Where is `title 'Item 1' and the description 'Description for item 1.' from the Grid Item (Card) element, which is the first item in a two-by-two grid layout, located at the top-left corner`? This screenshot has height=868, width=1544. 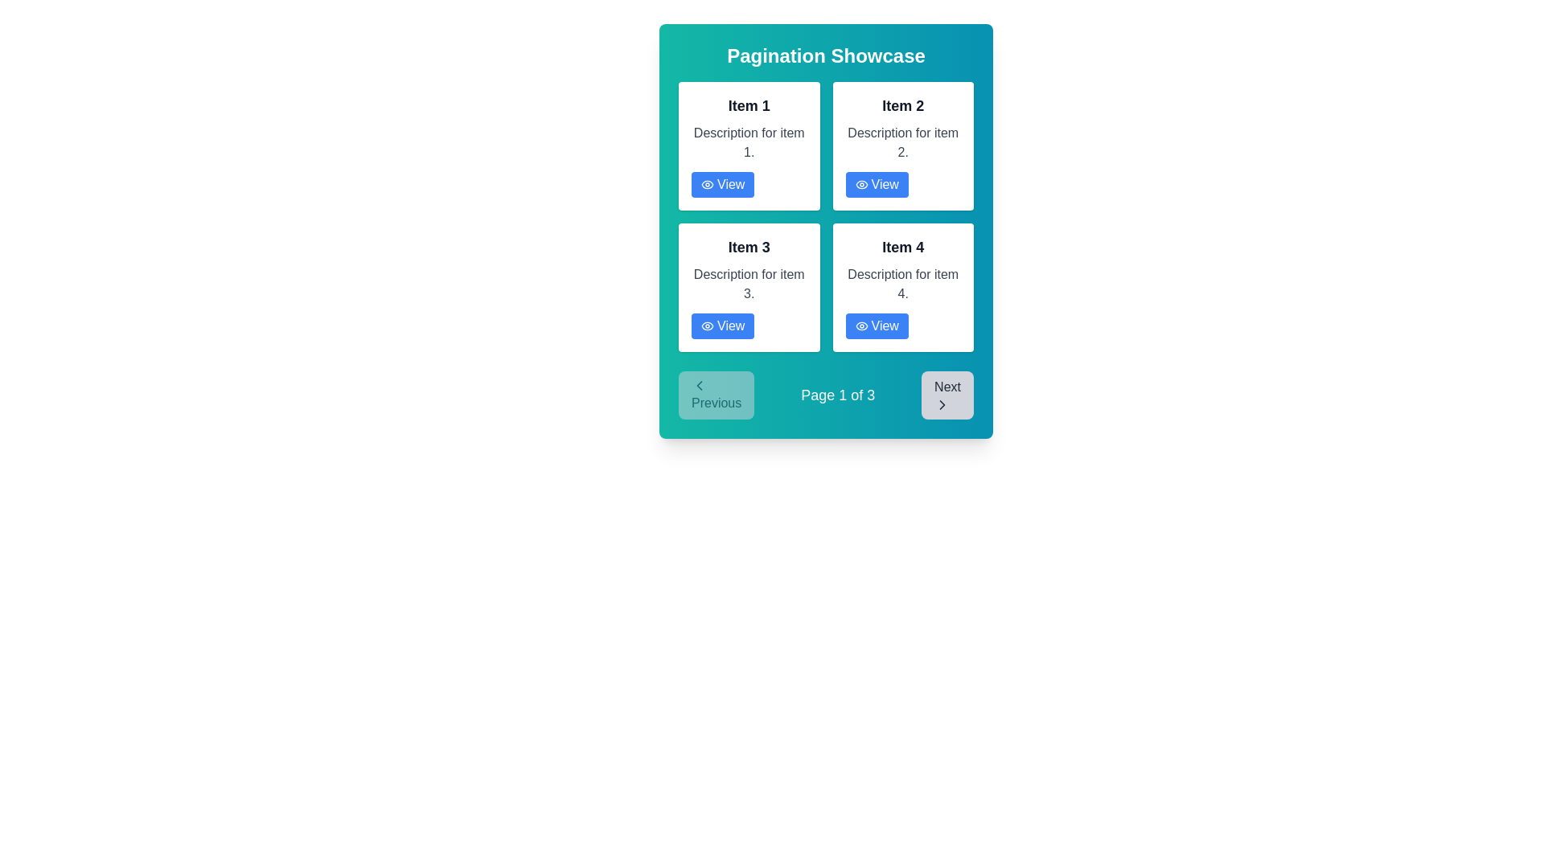
title 'Item 1' and the description 'Description for item 1.' from the Grid Item (Card) element, which is the first item in a two-by-two grid layout, located at the top-left corner is located at coordinates (748, 145).